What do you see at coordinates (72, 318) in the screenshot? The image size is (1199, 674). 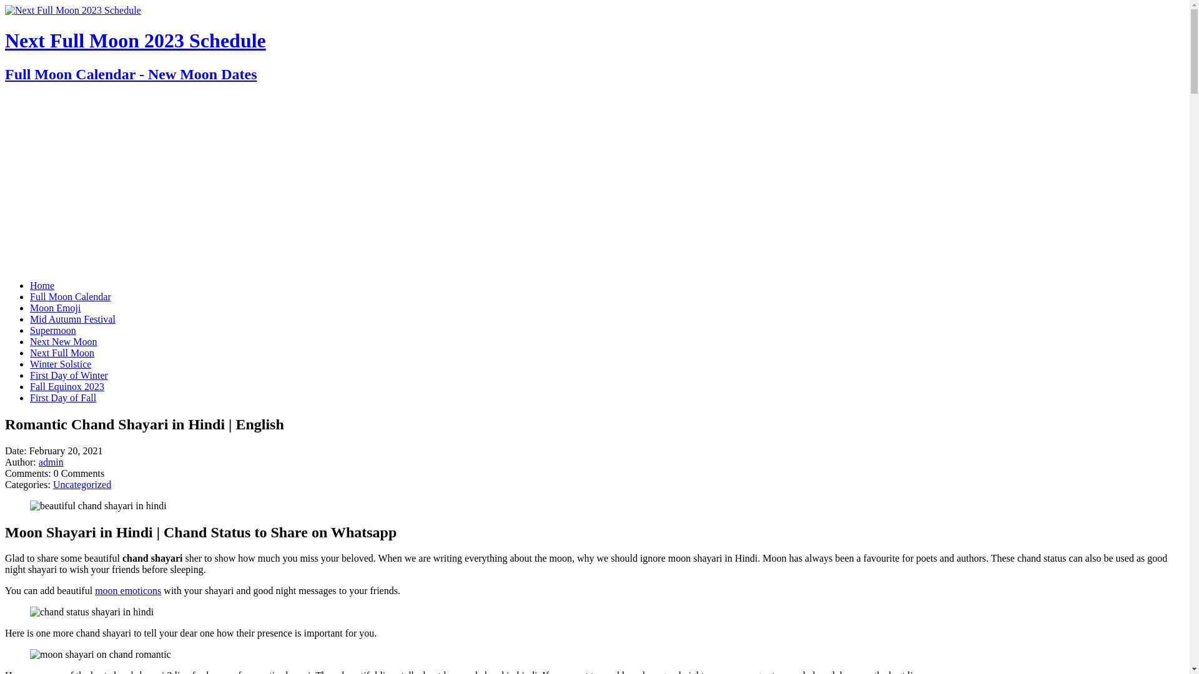 I see `'Mid Autumn Festival'` at bounding box center [72, 318].